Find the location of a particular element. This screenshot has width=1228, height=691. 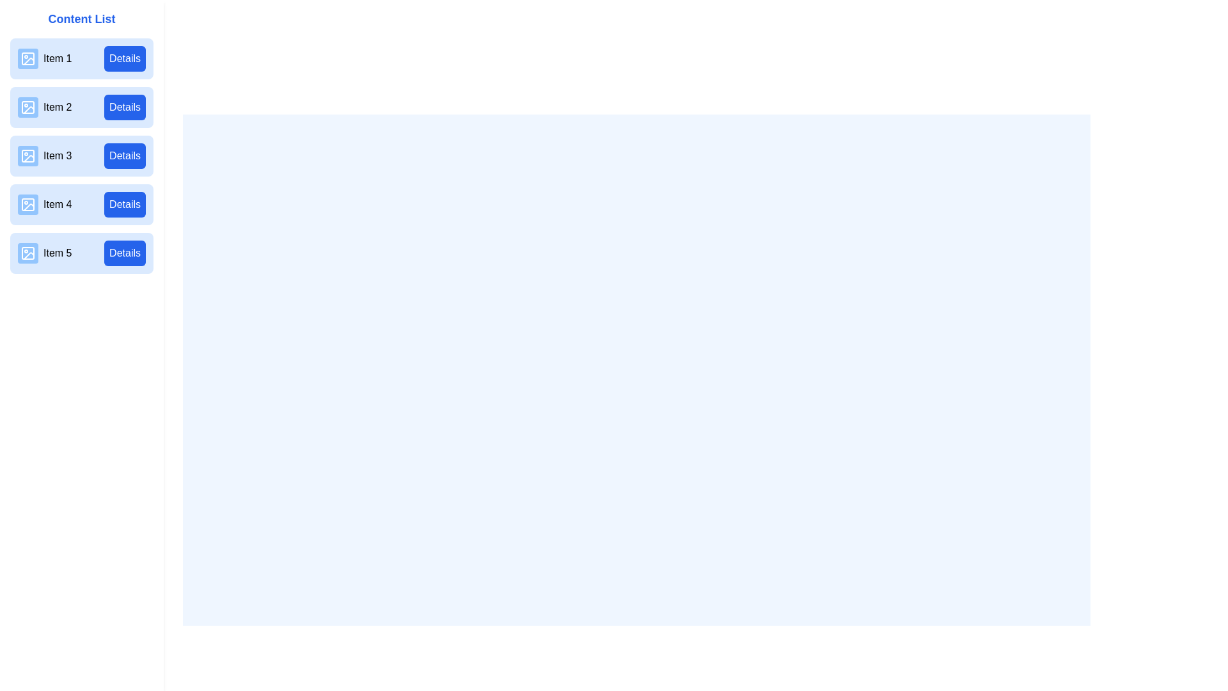

the text label 'Item 3' located in the third row of the vertical 'Content List' is located at coordinates (57, 155).